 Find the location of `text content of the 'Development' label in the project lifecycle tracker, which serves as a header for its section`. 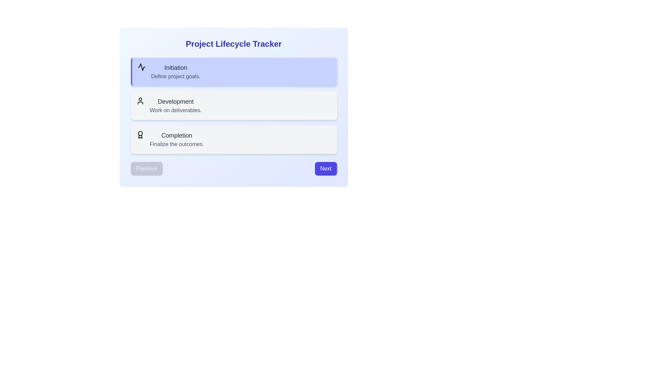

text content of the 'Development' label in the project lifecycle tracker, which serves as a header for its section is located at coordinates (176, 102).